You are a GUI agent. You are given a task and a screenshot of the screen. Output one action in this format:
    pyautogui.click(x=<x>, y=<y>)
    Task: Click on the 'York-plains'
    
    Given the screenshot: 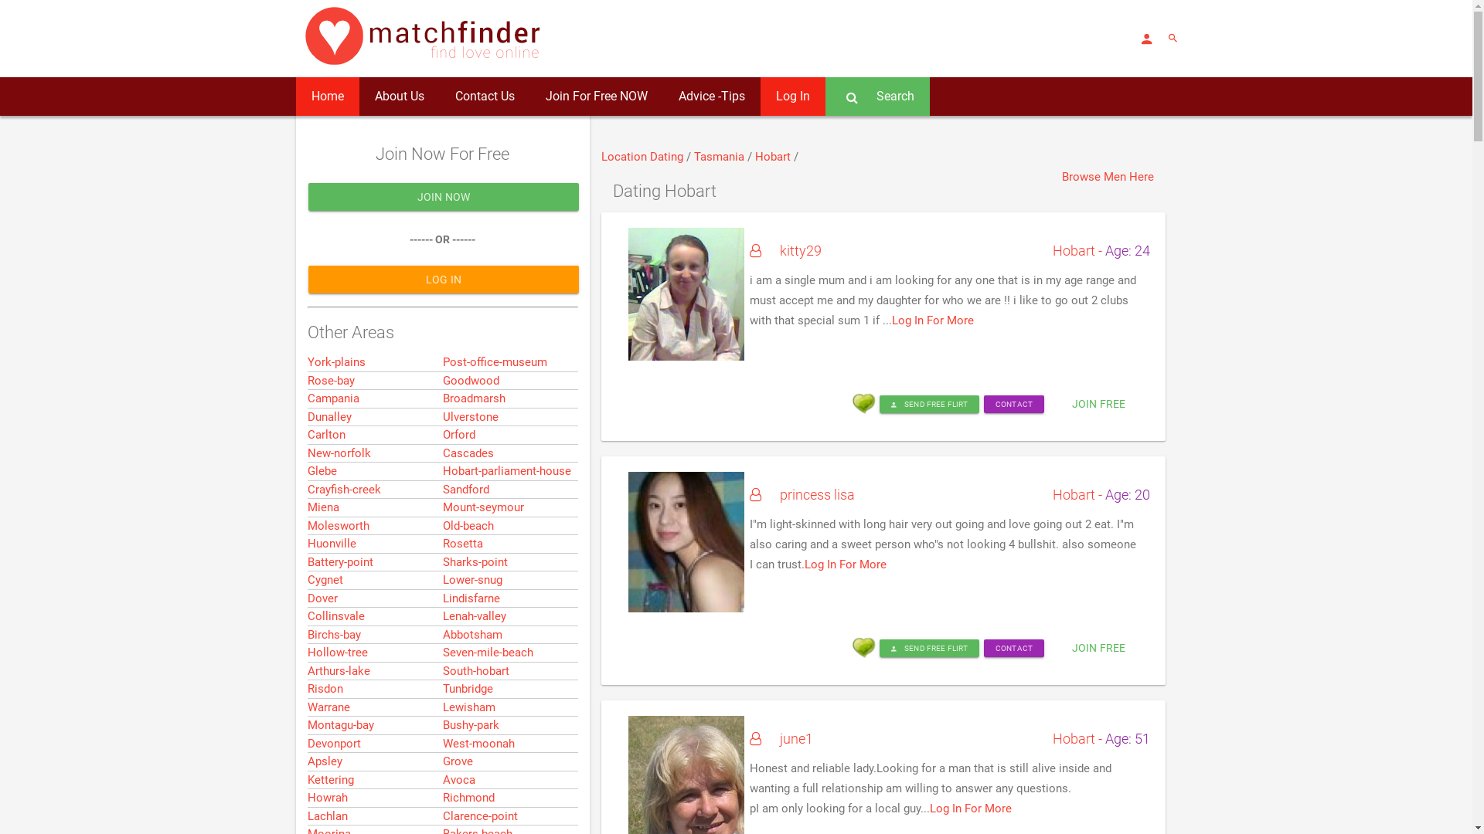 What is the action you would take?
    pyautogui.click(x=335, y=362)
    